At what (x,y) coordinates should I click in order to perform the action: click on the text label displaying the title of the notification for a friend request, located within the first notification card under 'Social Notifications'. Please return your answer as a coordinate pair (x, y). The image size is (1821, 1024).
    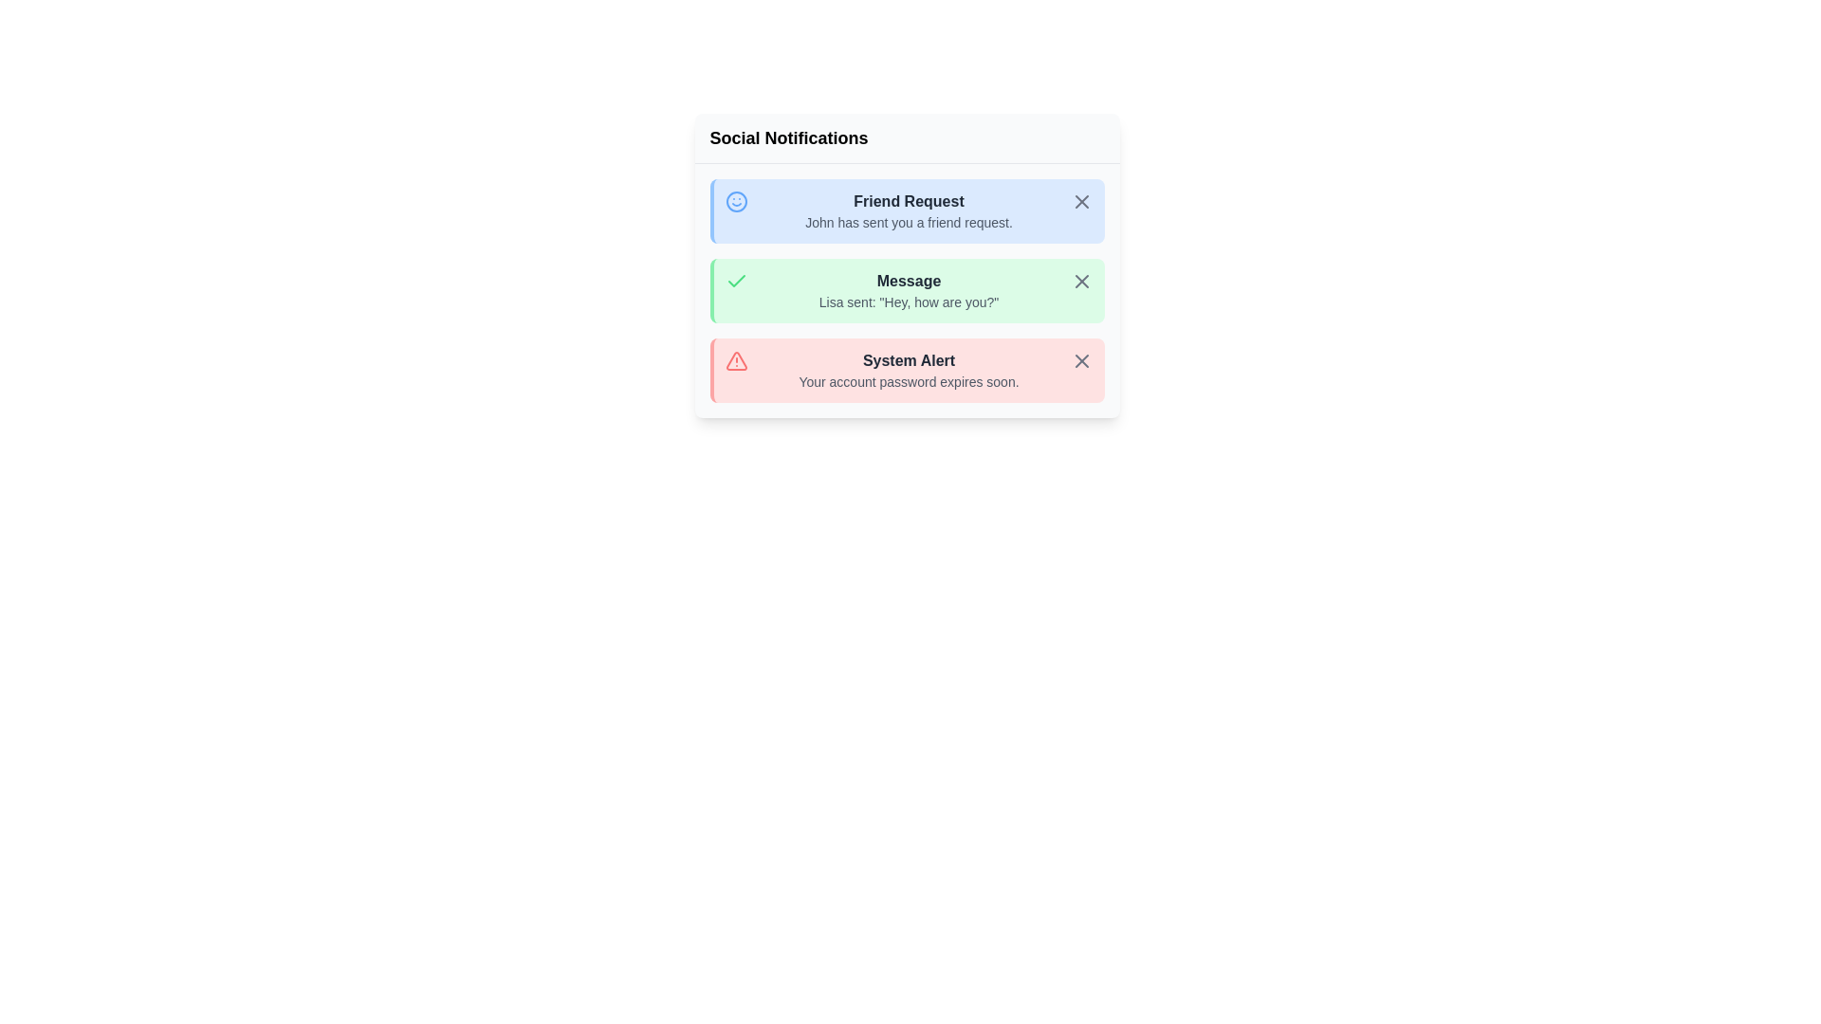
    Looking at the image, I should click on (908, 201).